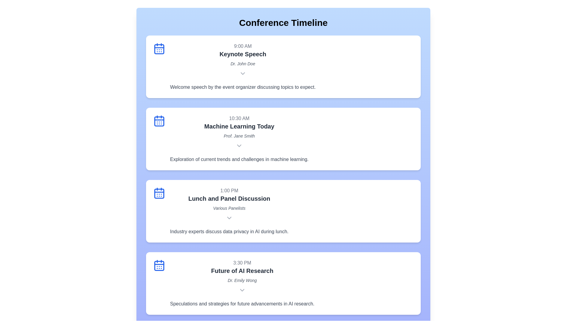 This screenshot has height=325, width=577. Describe the element at coordinates (159, 265) in the screenshot. I see `the calendar icon located in the fourth card of the timeline interface, adjacent to the header 'Future of AI Research'` at that location.